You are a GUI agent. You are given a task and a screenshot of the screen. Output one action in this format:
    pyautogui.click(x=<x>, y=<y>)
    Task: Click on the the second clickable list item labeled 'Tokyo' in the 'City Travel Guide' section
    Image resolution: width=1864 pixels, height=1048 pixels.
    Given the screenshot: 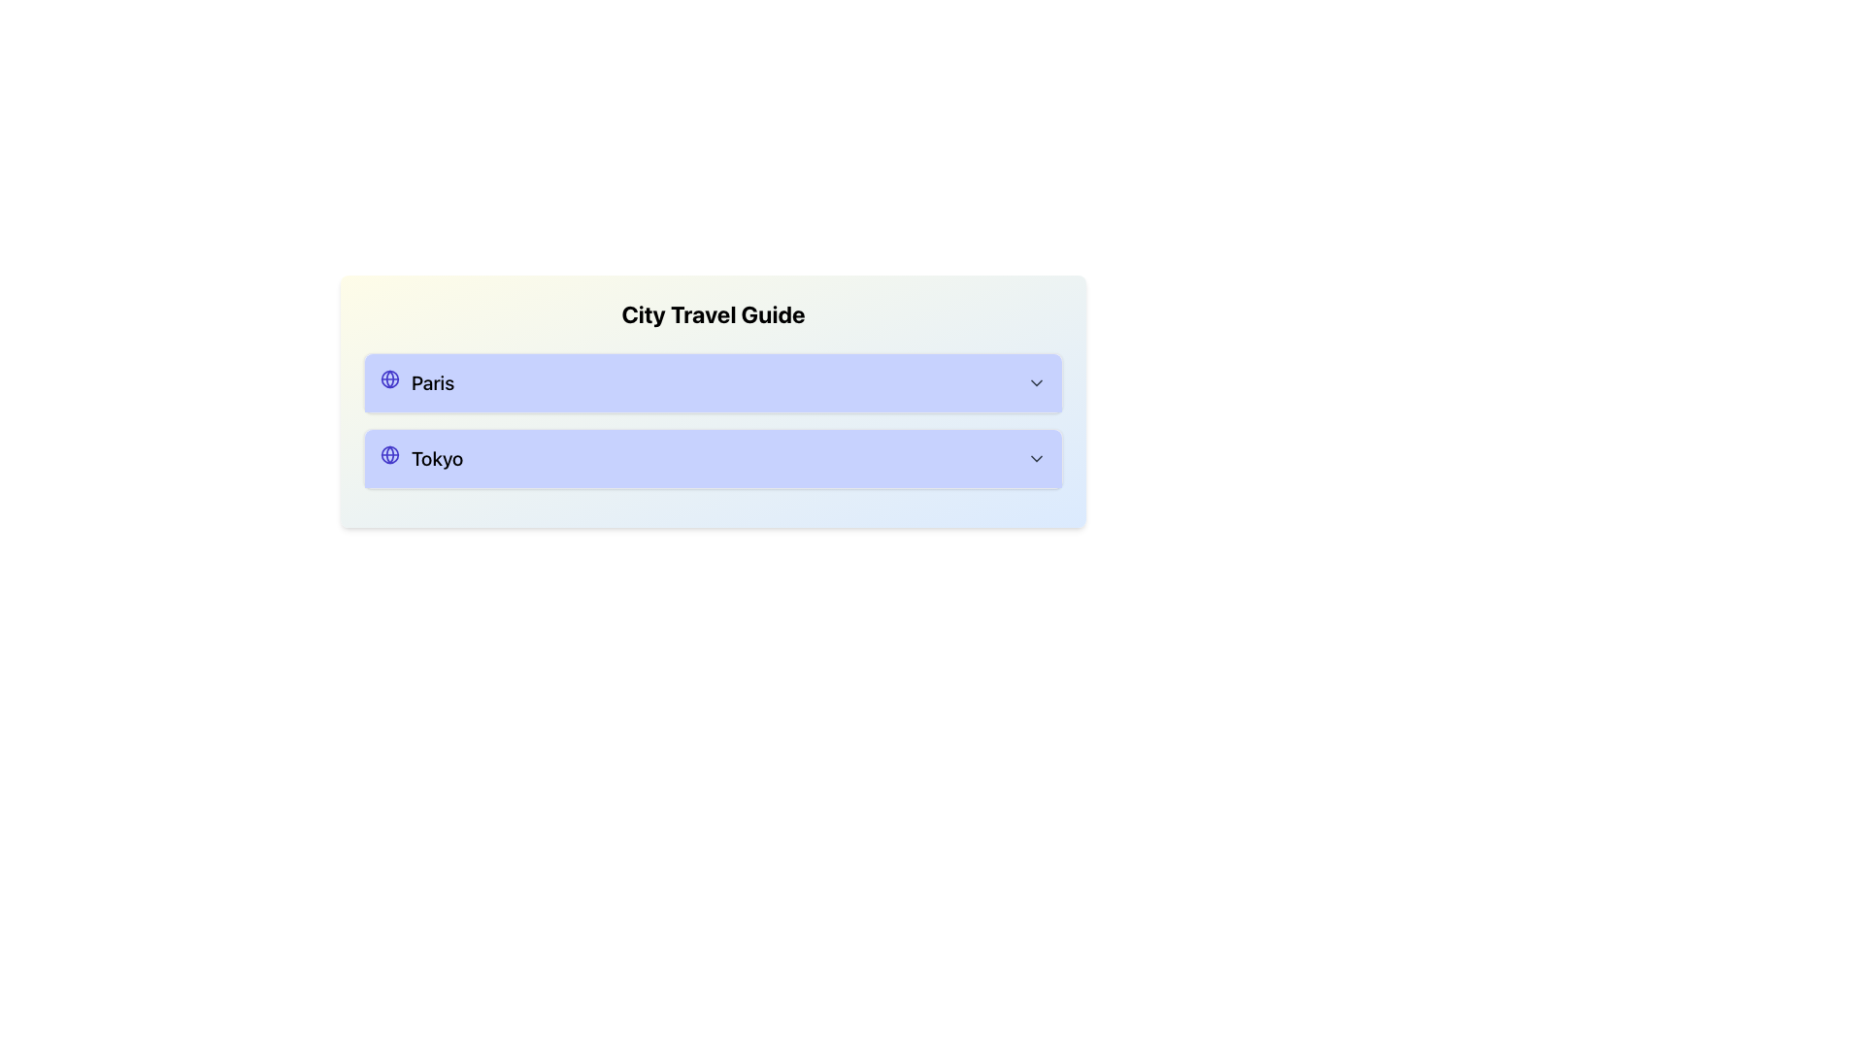 What is the action you would take?
    pyautogui.click(x=712, y=459)
    